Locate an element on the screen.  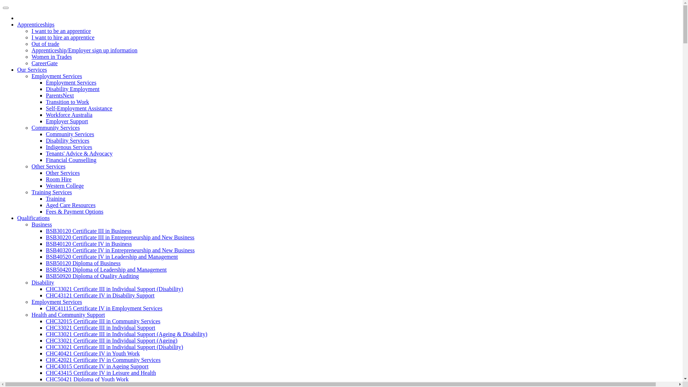
'Fees & Payment Options' is located at coordinates (74, 211).